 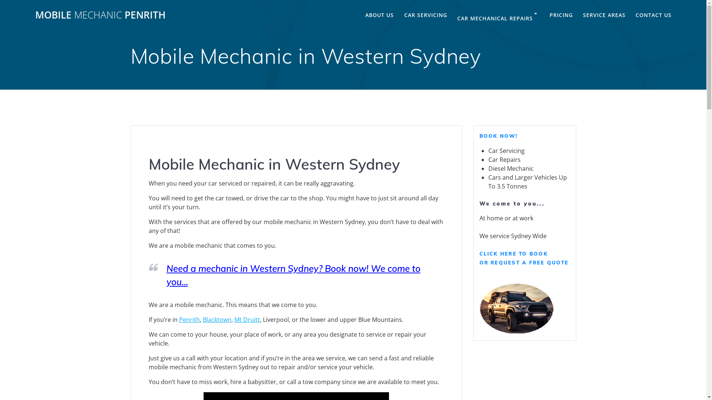 What do you see at coordinates (523, 258) in the screenshot?
I see `'CLICK HERE TO BOOK` at bounding box center [523, 258].